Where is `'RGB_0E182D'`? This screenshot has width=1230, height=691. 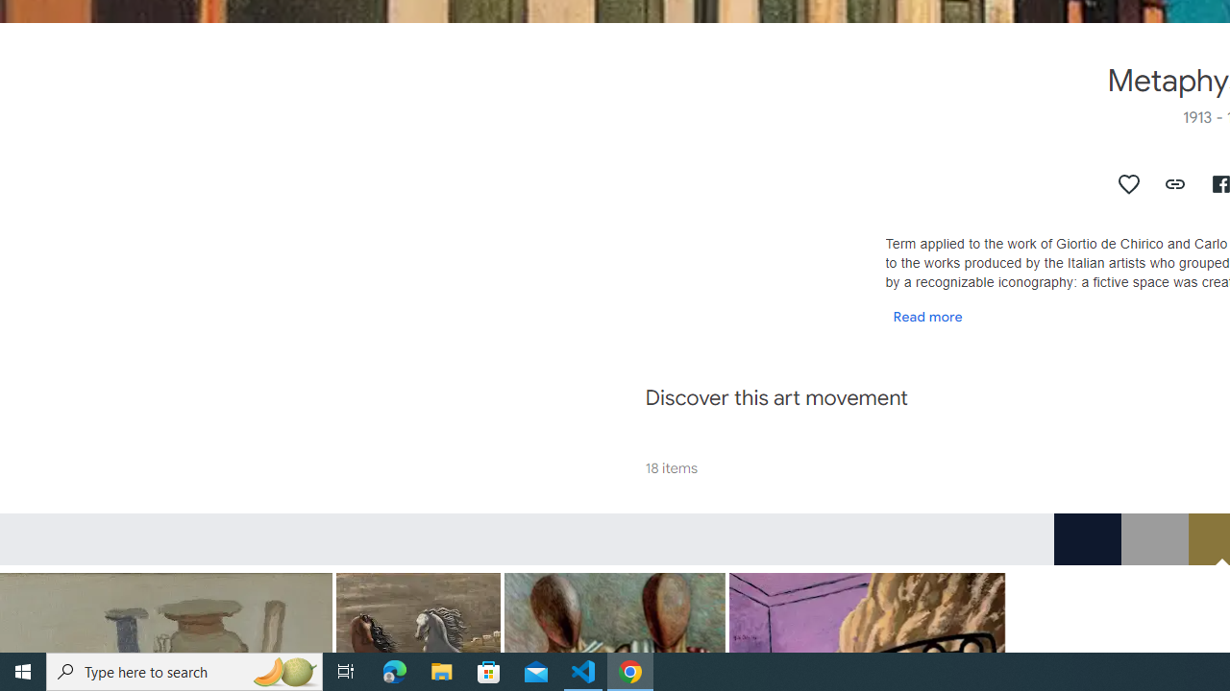 'RGB_0E182D' is located at coordinates (1087, 538).